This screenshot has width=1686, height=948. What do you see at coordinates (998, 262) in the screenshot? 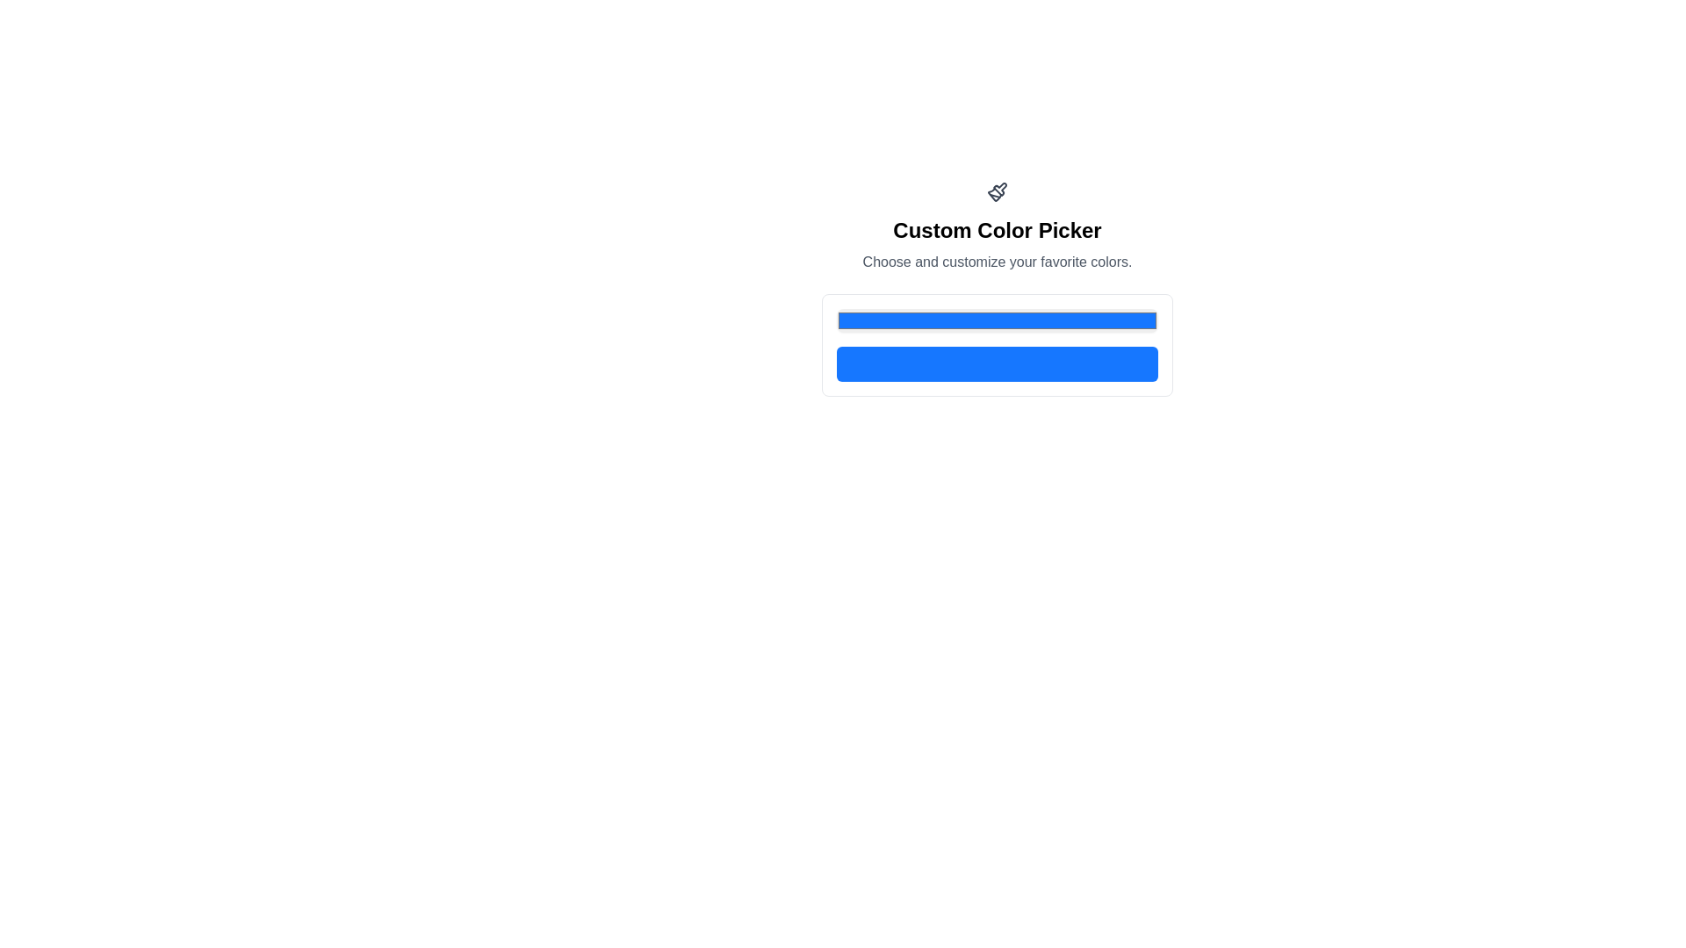
I see `text block displaying the phrase 'Choose and customize your favorite colors.' located below the 'Custom Color Picker' header and above the blue interactive components` at bounding box center [998, 262].